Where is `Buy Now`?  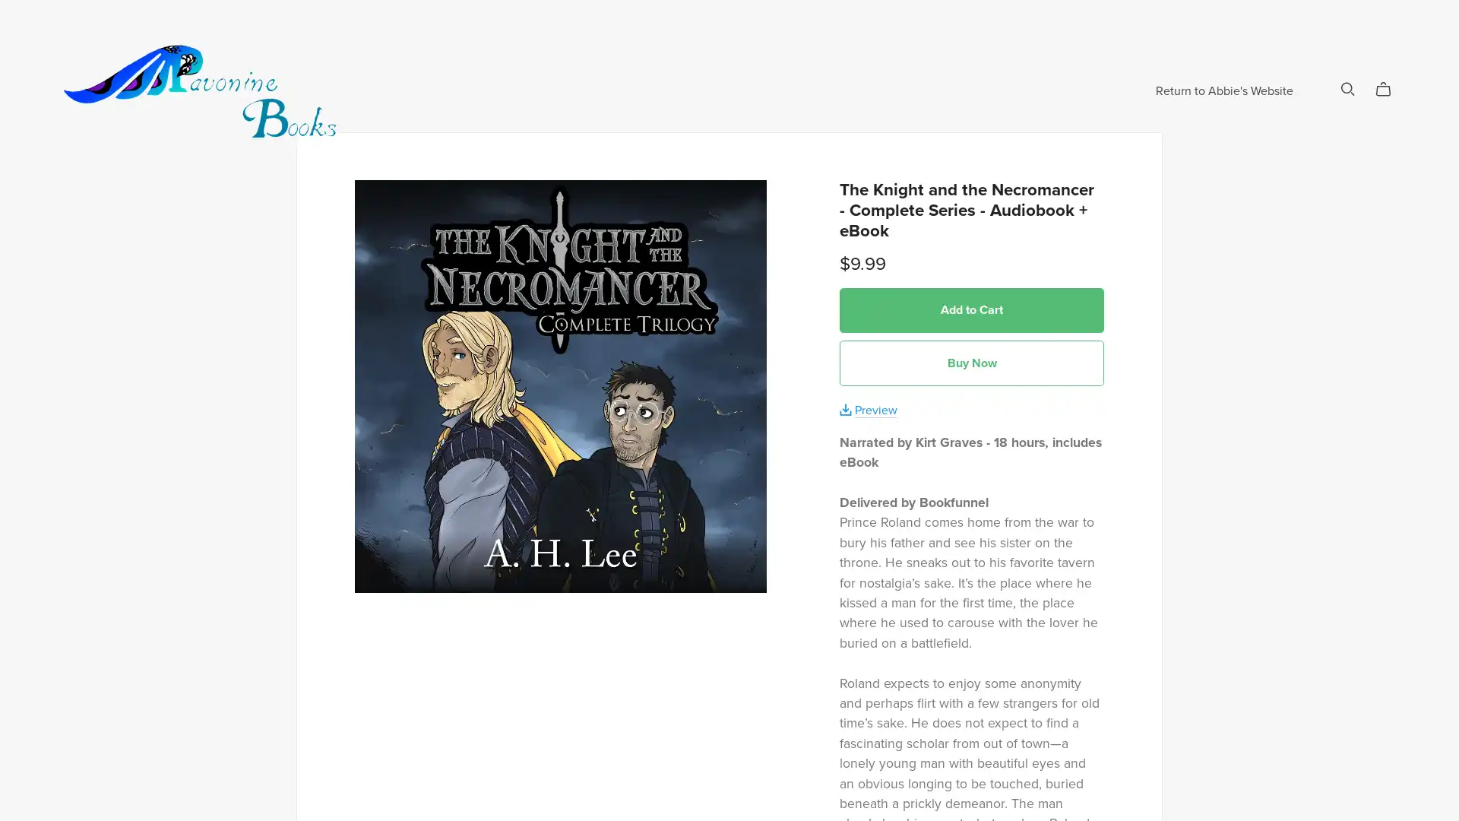
Buy Now is located at coordinates (970, 414).